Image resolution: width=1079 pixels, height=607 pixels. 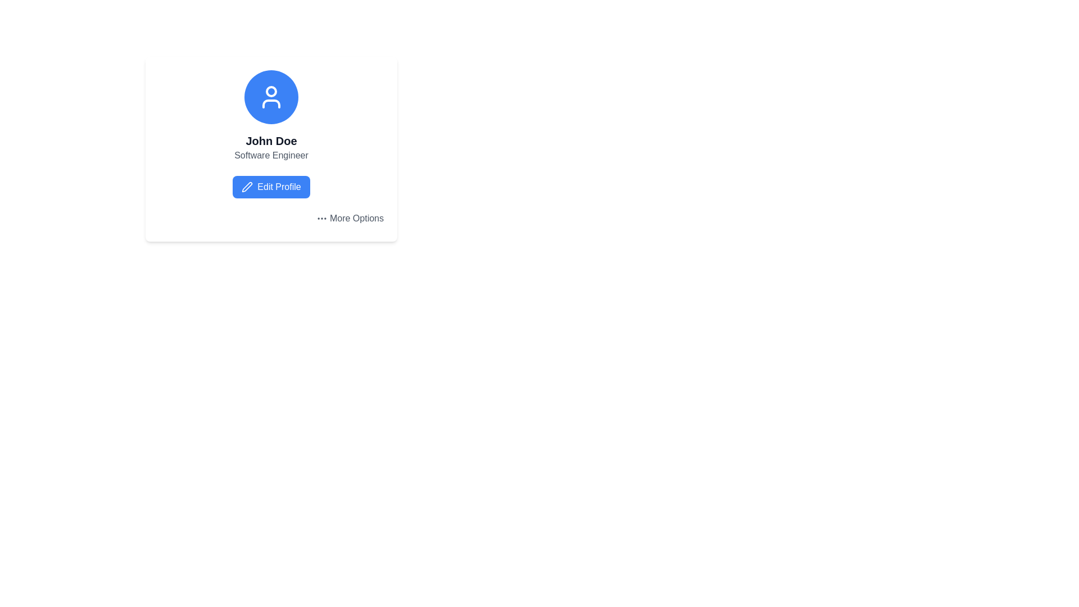 What do you see at coordinates (350, 219) in the screenshot?
I see `the 'More Options' button with three dots icon in the bottom-right corner of the user profile section` at bounding box center [350, 219].